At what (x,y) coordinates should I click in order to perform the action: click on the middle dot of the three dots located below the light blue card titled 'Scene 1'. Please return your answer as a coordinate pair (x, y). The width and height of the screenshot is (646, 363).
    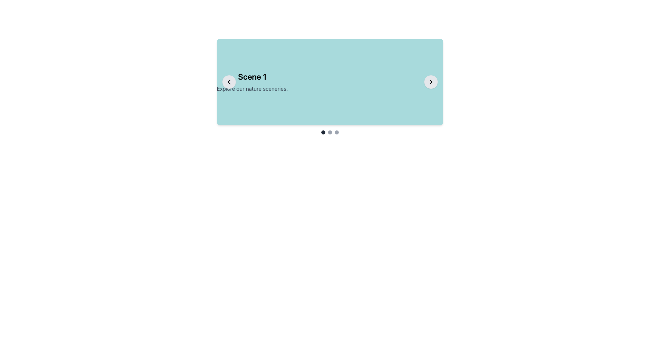
    Looking at the image, I should click on (330, 132).